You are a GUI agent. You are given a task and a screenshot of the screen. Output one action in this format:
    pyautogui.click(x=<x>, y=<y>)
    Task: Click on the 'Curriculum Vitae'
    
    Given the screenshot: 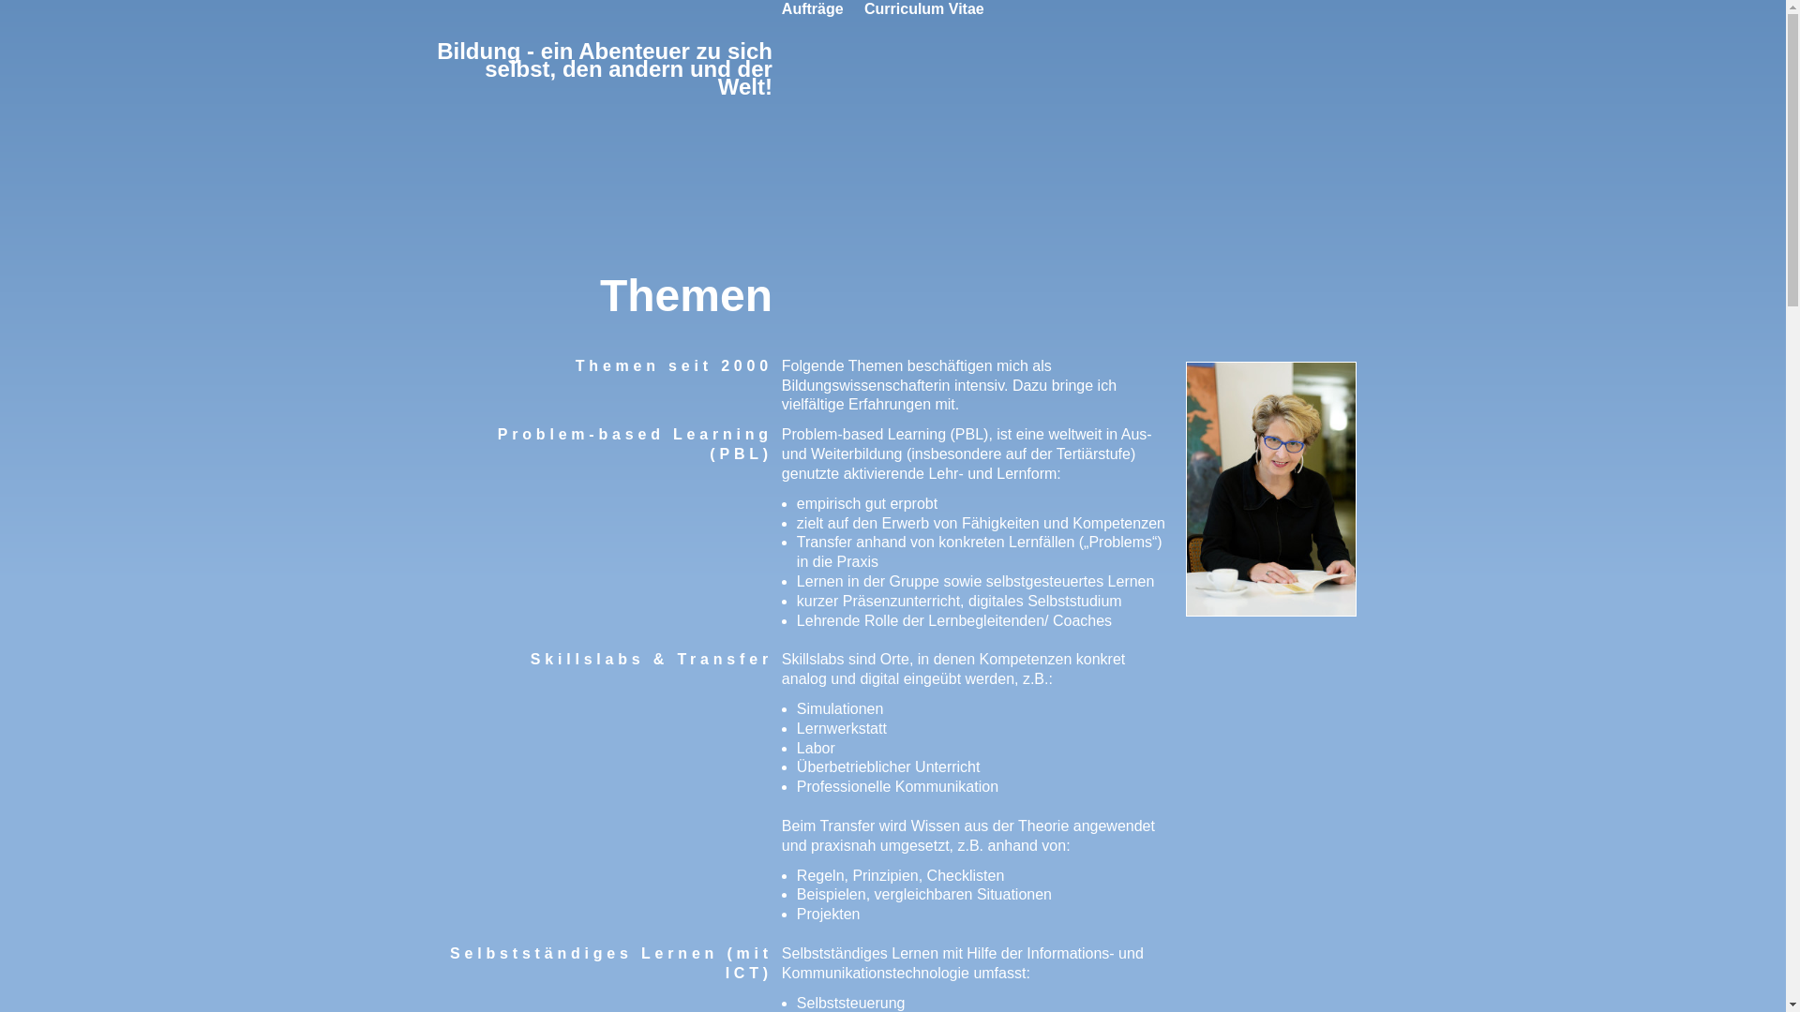 What is the action you would take?
    pyautogui.click(x=862, y=8)
    